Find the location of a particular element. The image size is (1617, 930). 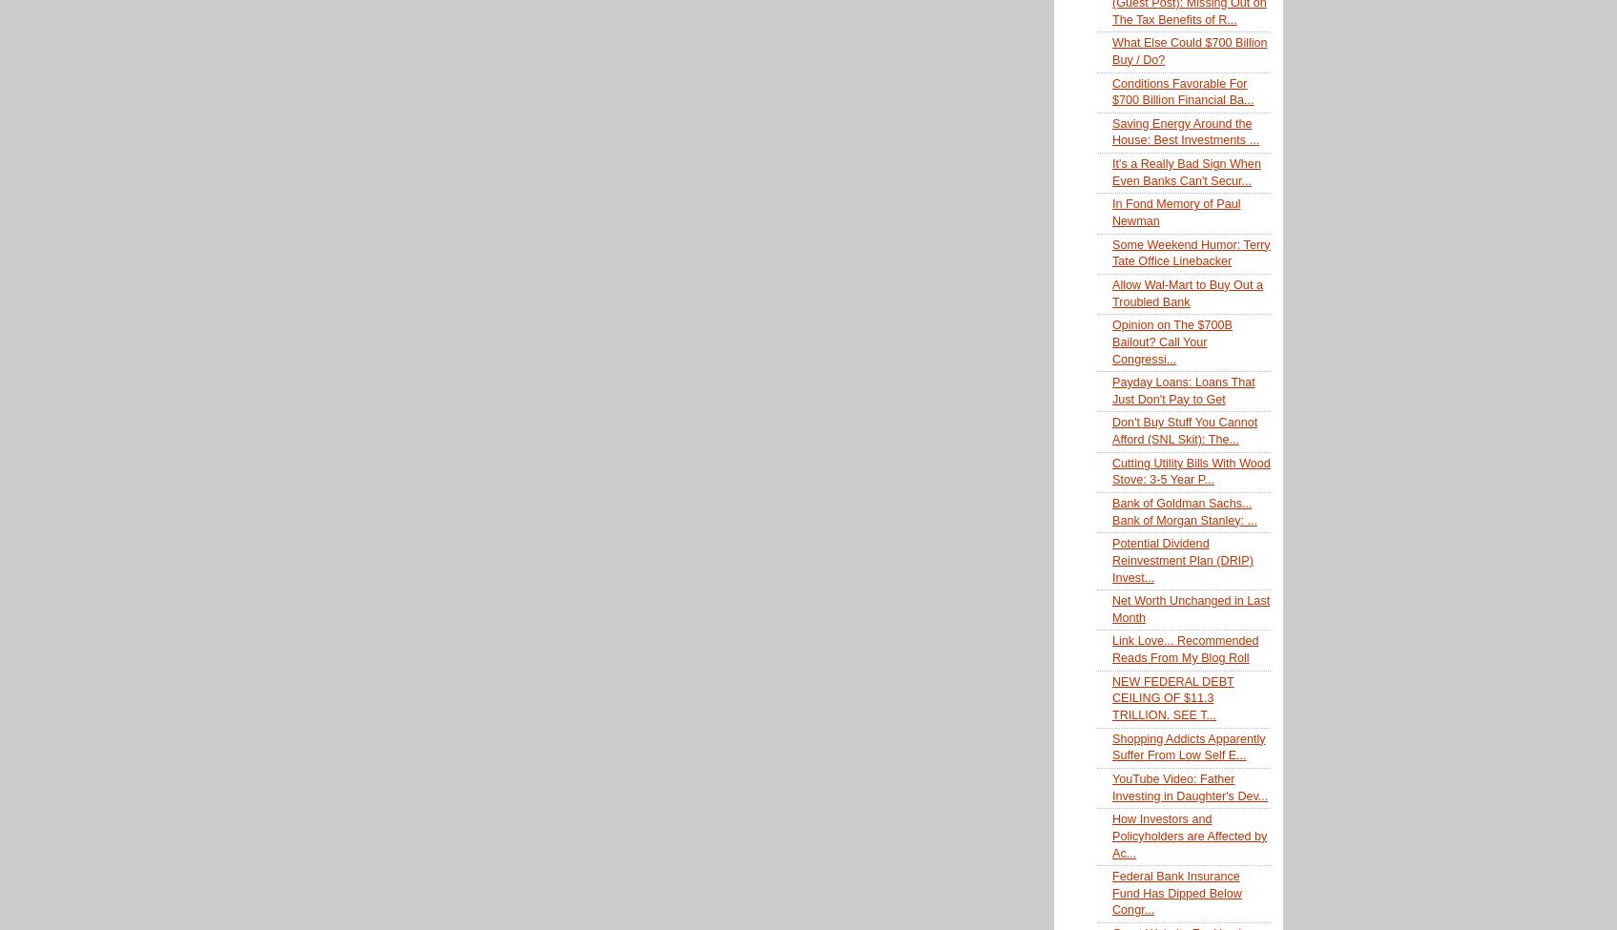

'In Fond Memory of Paul Newman' is located at coordinates (1175, 212).